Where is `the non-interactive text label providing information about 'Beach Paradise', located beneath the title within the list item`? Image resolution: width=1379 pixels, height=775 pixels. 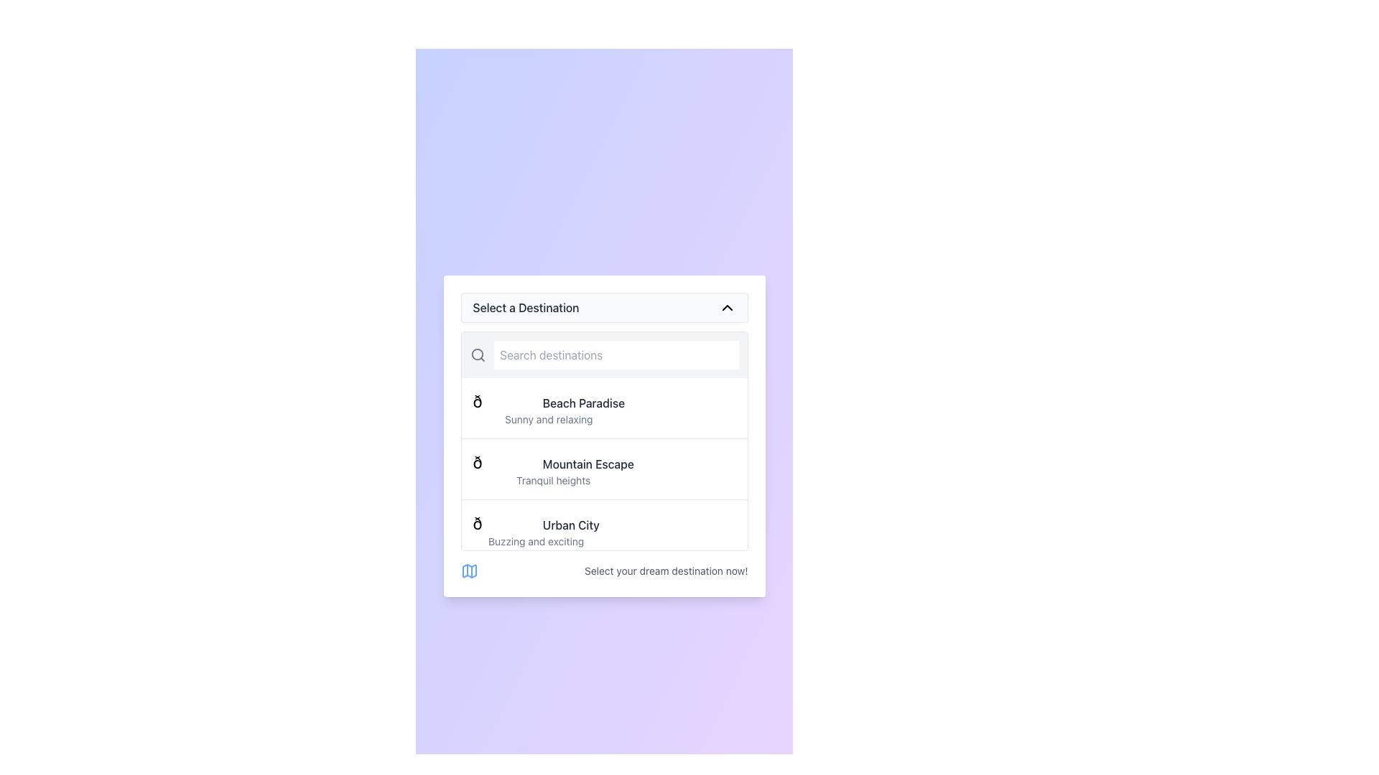 the non-interactive text label providing information about 'Beach Paradise', located beneath the title within the list item is located at coordinates (548, 420).